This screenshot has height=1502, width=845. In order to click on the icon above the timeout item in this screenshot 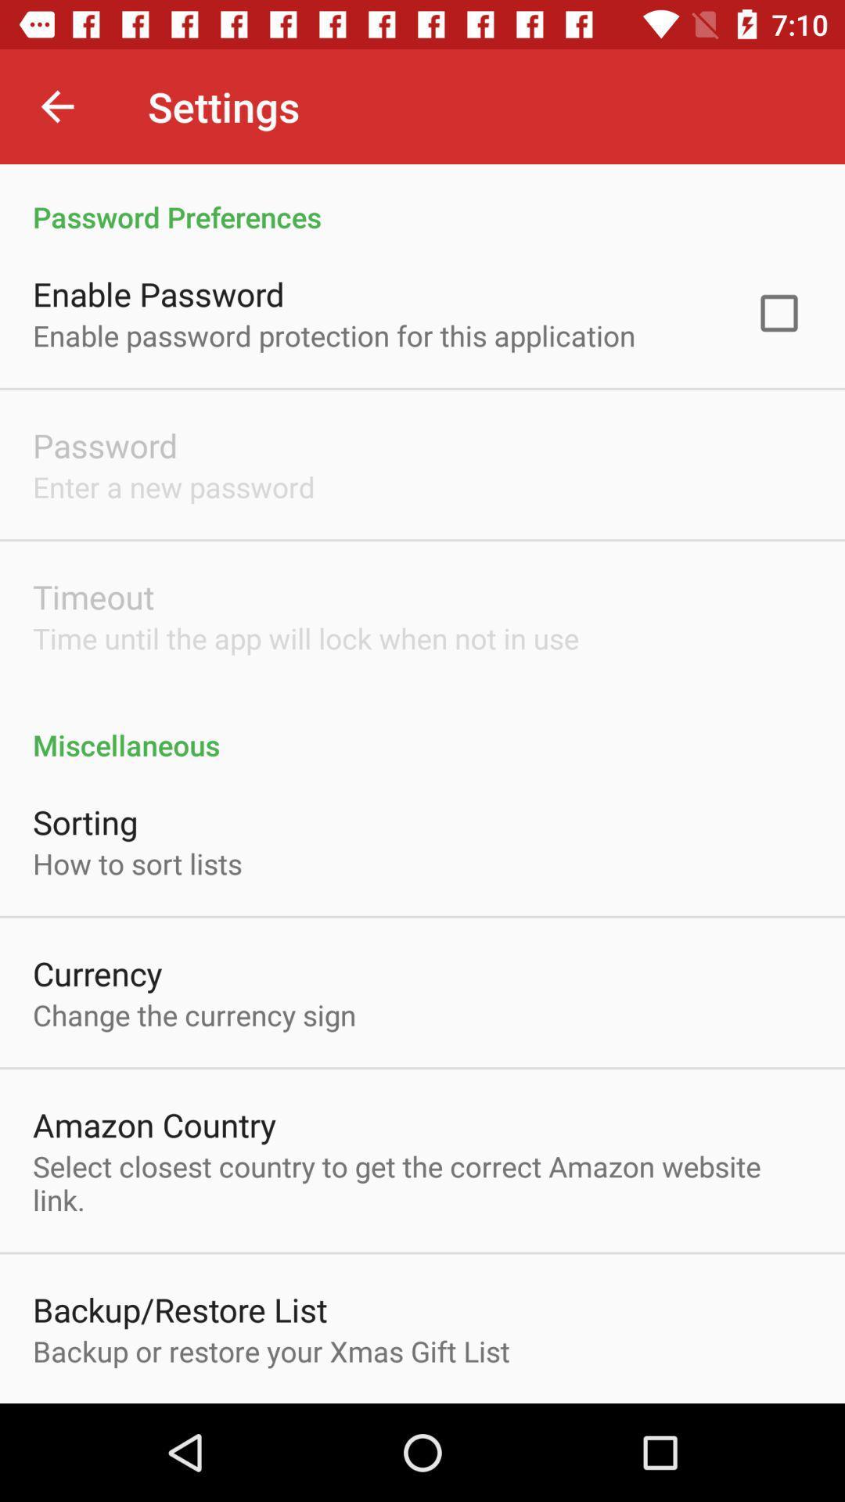, I will do `click(174, 486)`.